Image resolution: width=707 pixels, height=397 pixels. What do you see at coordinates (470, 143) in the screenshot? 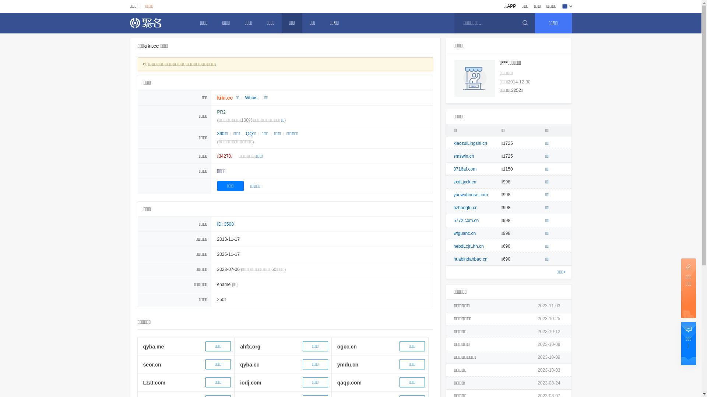
I see `'xiaozuiLingshi.cn'` at bounding box center [470, 143].